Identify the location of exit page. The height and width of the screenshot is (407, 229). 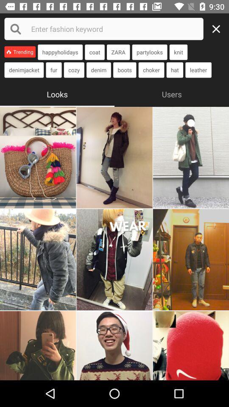
(218, 29).